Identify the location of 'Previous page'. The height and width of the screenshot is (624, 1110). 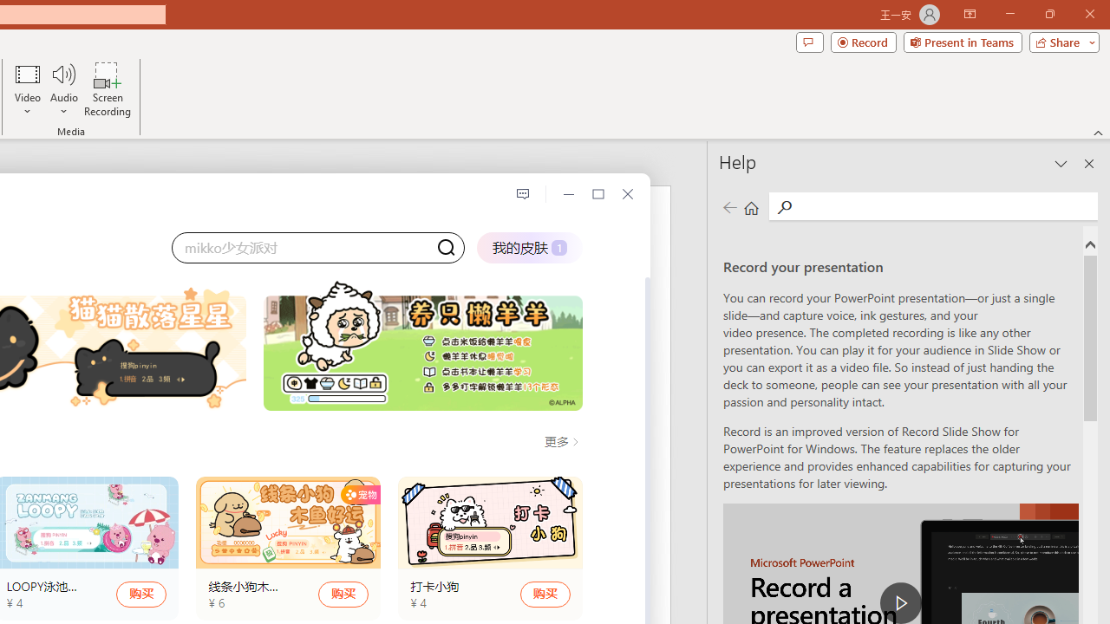
(729, 206).